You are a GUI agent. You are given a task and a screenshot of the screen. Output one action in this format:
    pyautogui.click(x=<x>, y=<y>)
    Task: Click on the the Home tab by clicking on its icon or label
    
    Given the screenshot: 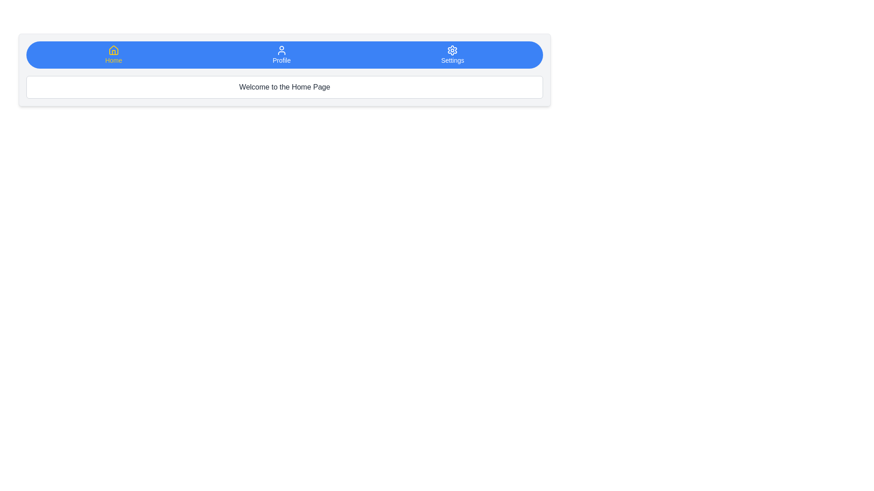 What is the action you would take?
    pyautogui.click(x=113, y=55)
    